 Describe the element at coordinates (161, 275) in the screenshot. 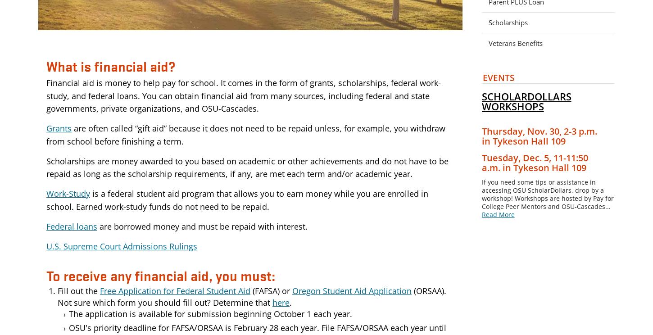

I see `'To receive any financial aid, you must:'` at that location.